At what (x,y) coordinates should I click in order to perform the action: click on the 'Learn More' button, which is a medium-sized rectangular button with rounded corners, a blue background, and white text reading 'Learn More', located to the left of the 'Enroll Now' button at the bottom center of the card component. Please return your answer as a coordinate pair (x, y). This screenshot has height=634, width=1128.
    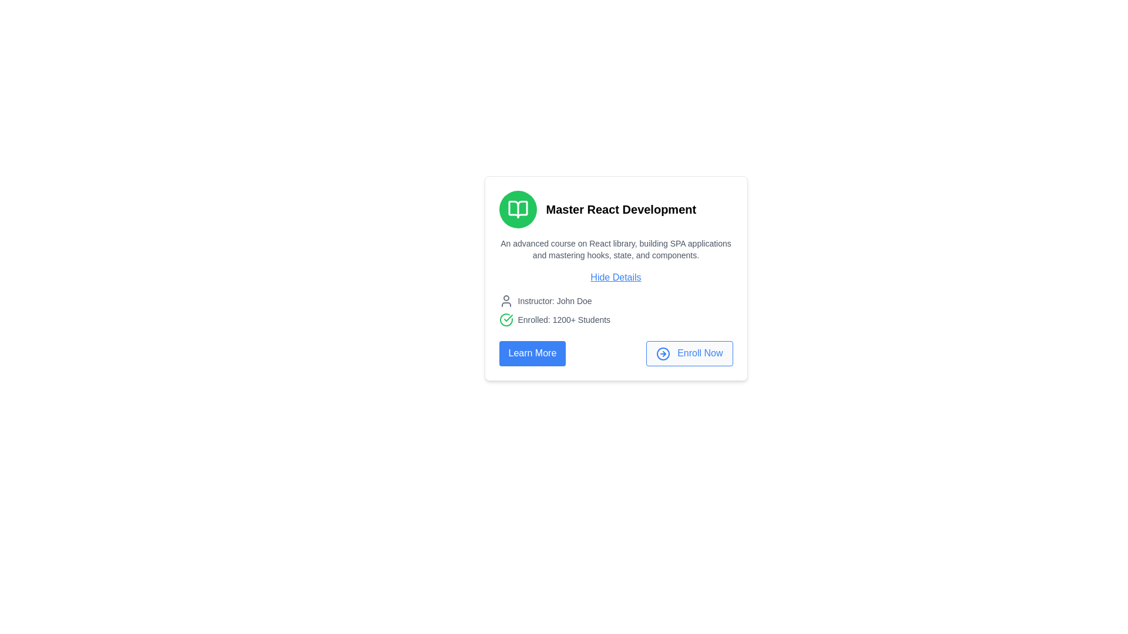
    Looking at the image, I should click on (532, 353).